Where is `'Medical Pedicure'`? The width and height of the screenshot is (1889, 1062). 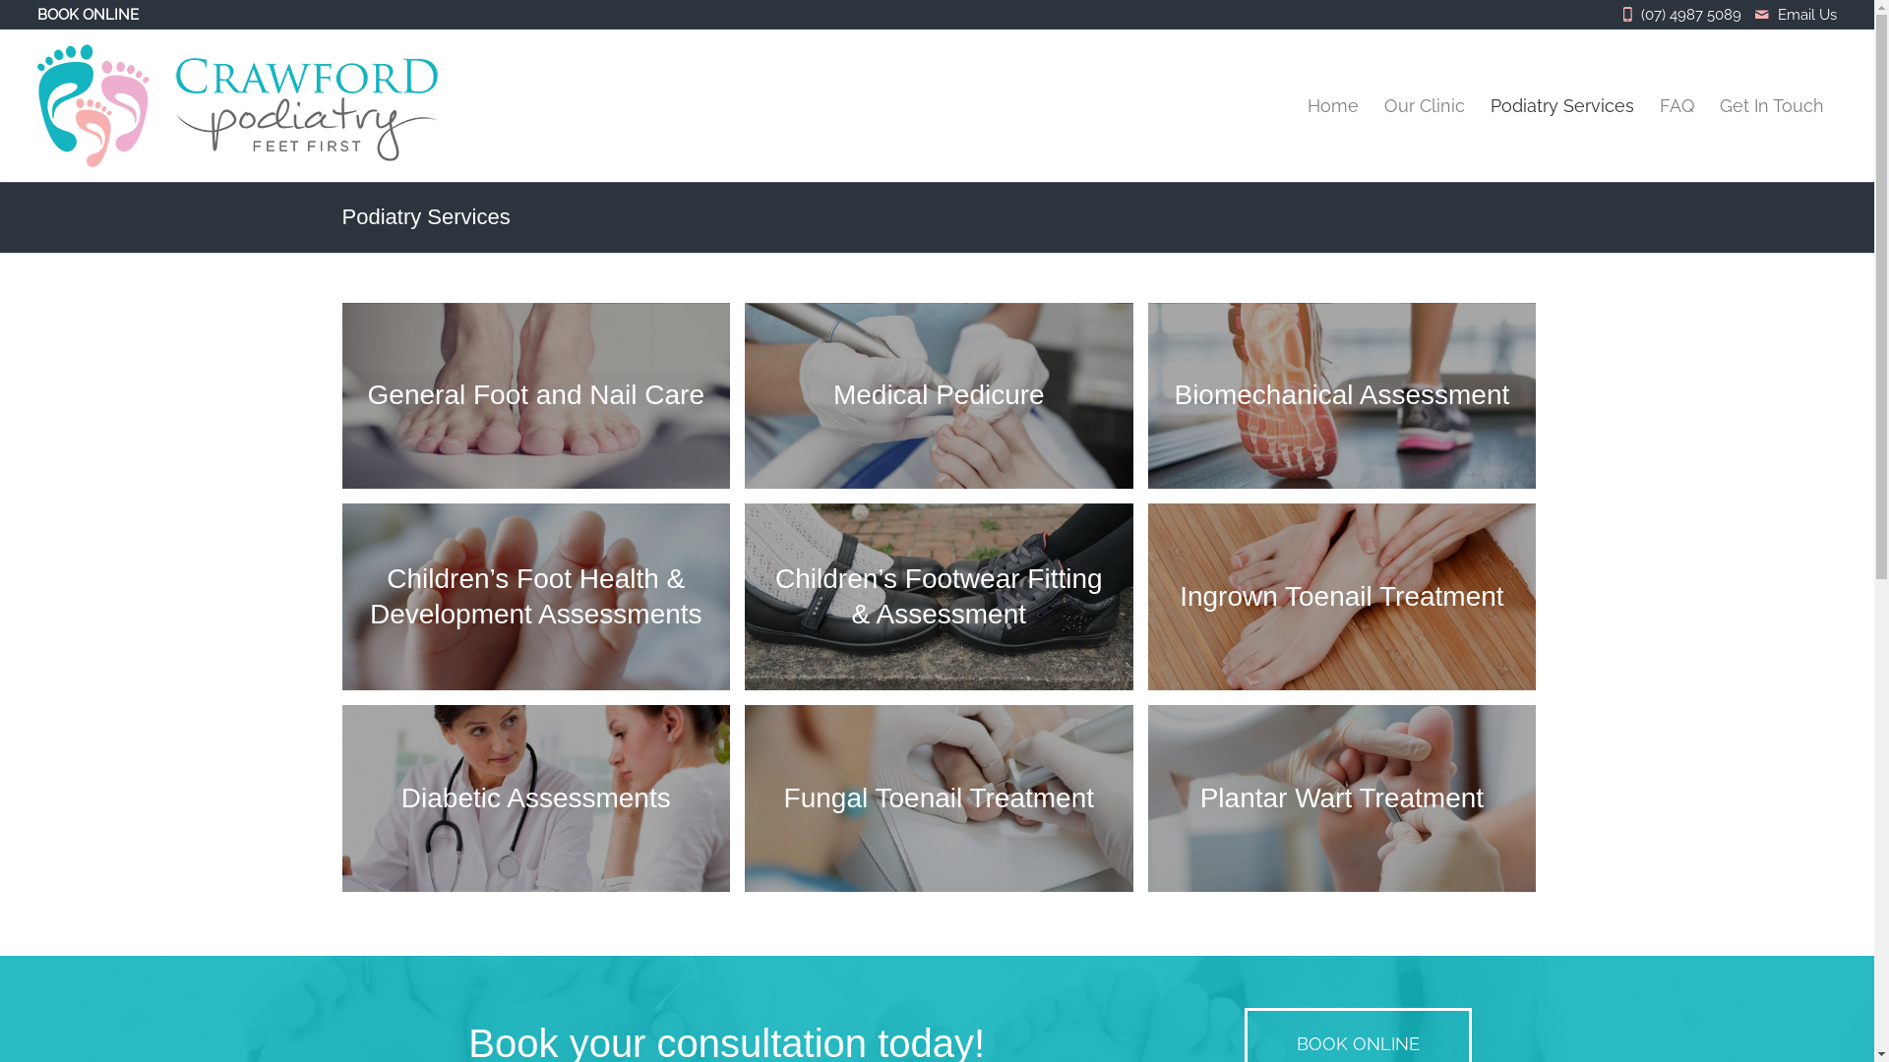 'Medical Pedicure' is located at coordinates (945, 402).